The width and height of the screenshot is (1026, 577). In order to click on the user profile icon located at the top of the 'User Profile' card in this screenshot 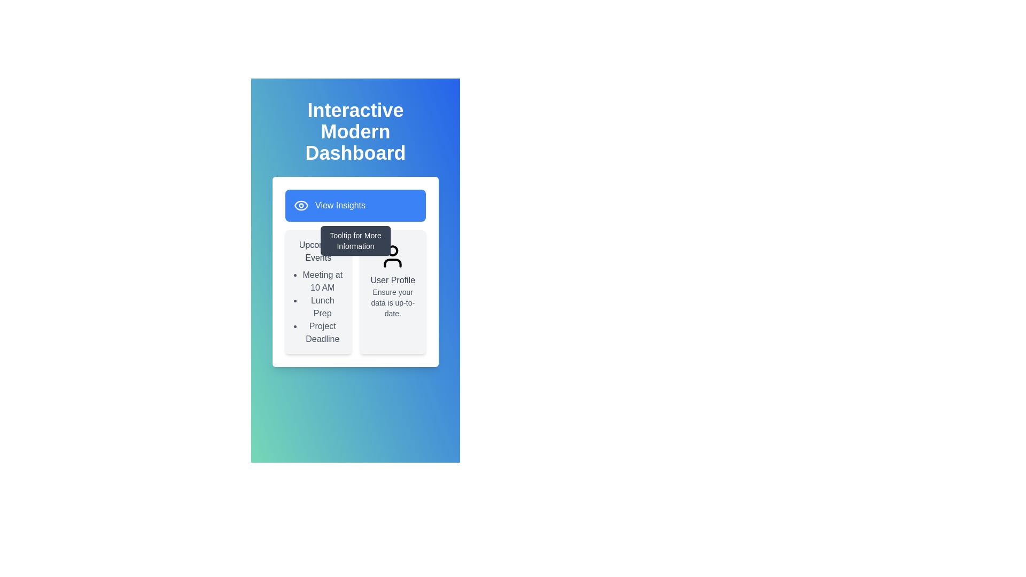, I will do `click(392, 256)`.